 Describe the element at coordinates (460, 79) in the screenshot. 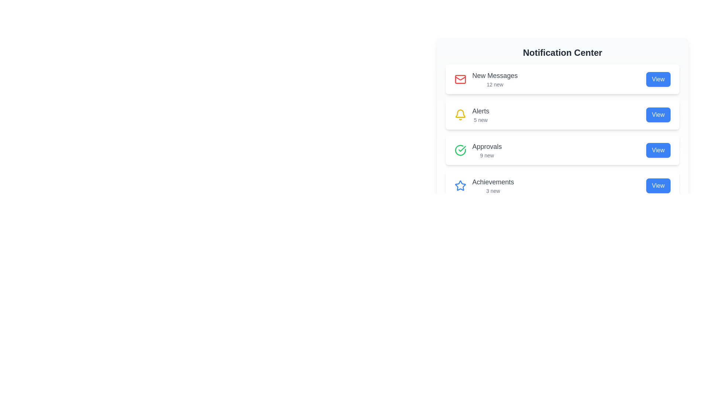

I see `the appearance of the SVG icon representing an envelope located in the upper-left corner of the 'New Messages' notification item in the 'Notification Center' panel` at that location.